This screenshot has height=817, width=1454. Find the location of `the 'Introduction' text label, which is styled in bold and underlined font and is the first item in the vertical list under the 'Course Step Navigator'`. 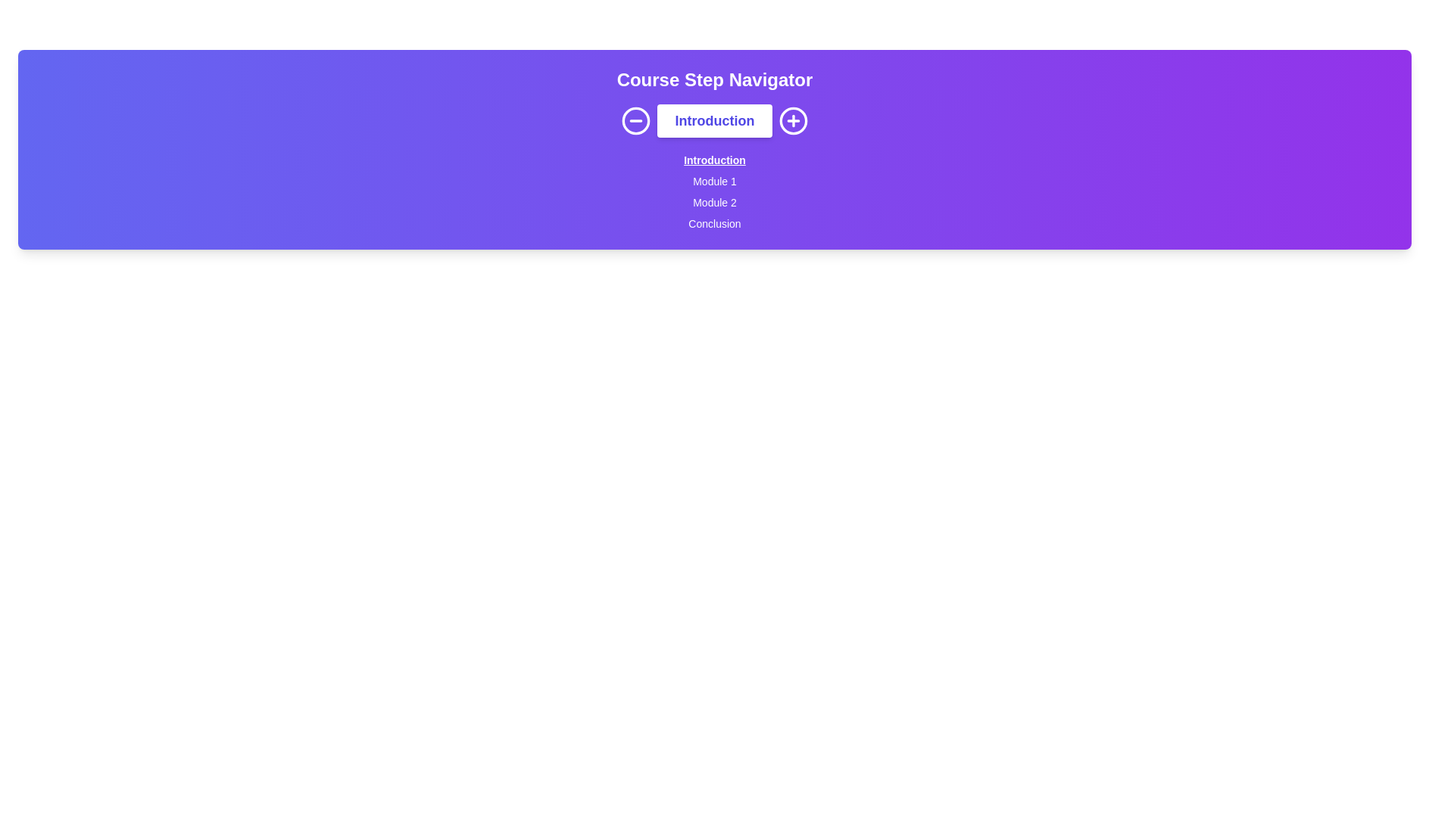

the 'Introduction' text label, which is styled in bold and underlined font and is the first item in the vertical list under the 'Course Step Navigator' is located at coordinates (714, 157).